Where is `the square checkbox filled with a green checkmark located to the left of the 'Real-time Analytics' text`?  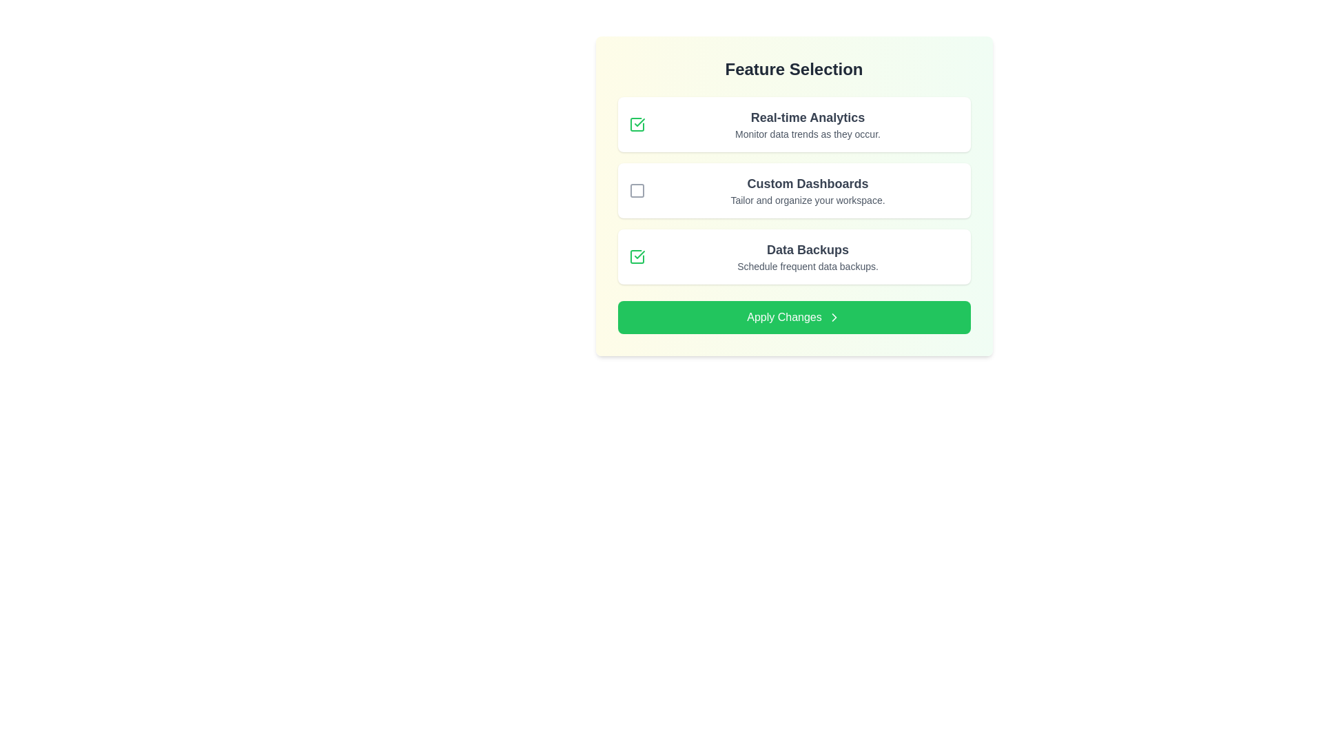
the square checkbox filled with a green checkmark located to the left of the 'Real-time Analytics' text is located at coordinates (636, 125).